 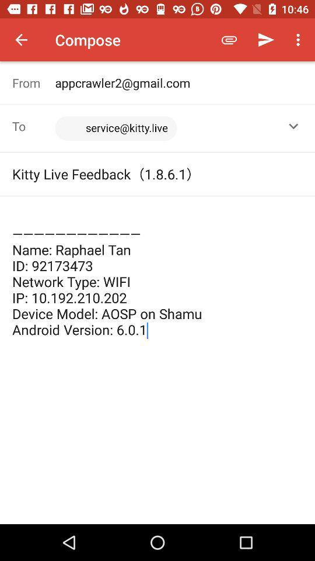 What do you see at coordinates (157, 273) in the screenshot?
I see `the name raphael tan item` at bounding box center [157, 273].